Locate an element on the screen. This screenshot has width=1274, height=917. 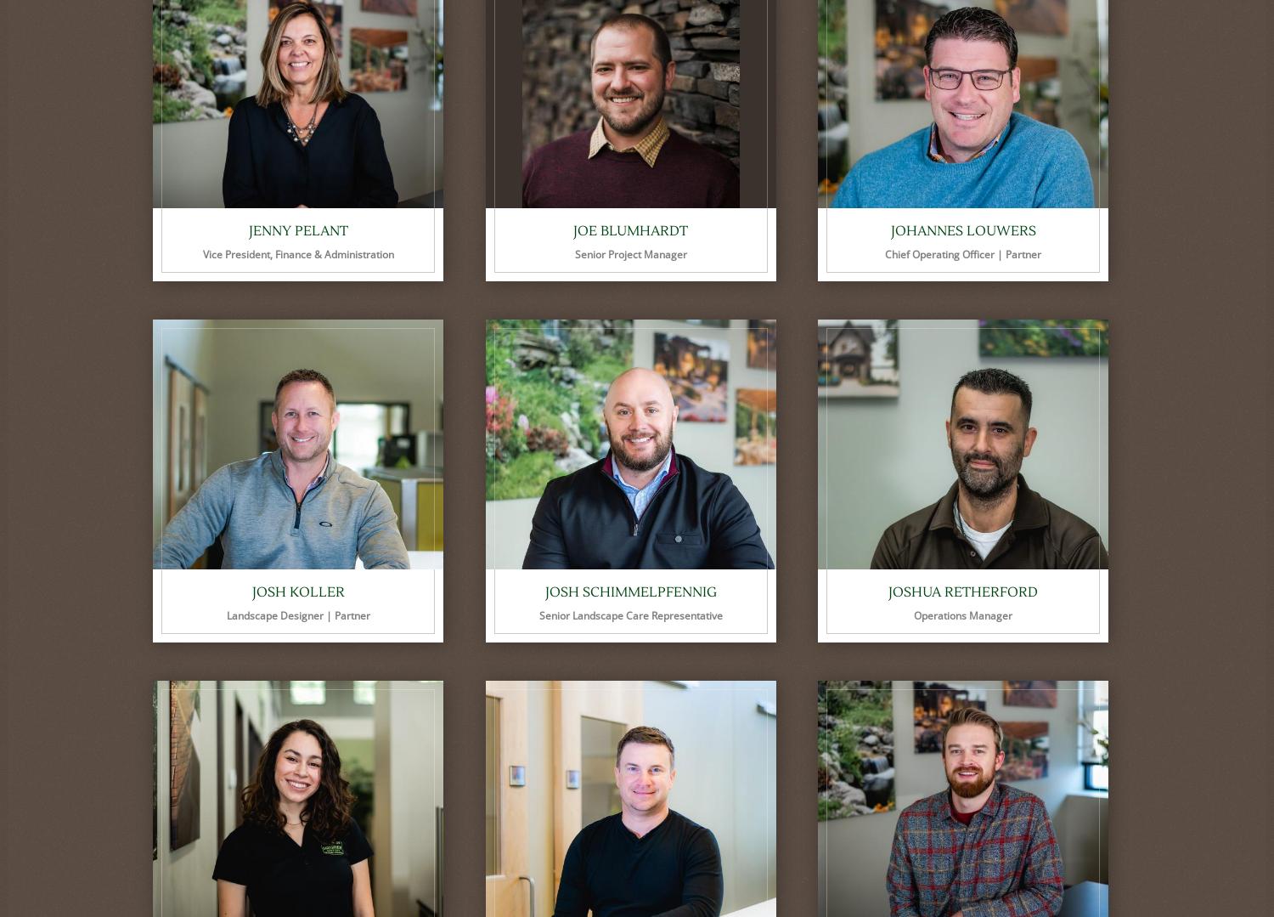
'Vice President, Finance & Administration' is located at coordinates (296, 253).